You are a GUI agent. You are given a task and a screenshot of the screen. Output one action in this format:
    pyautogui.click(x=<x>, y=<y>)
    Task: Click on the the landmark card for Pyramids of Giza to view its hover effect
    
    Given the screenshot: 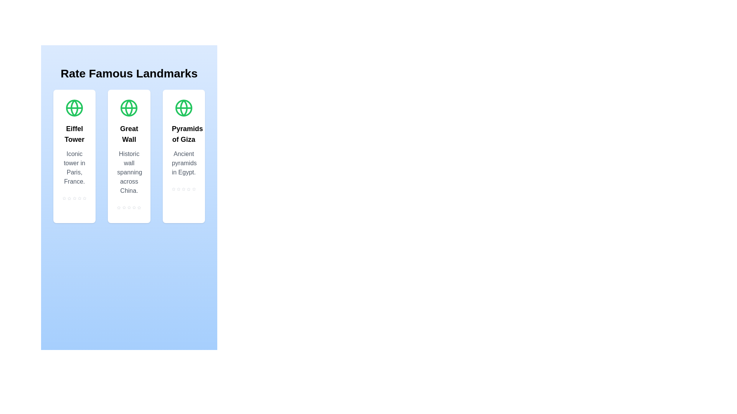 What is the action you would take?
    pyautogui.click(x=183, y=156)
    